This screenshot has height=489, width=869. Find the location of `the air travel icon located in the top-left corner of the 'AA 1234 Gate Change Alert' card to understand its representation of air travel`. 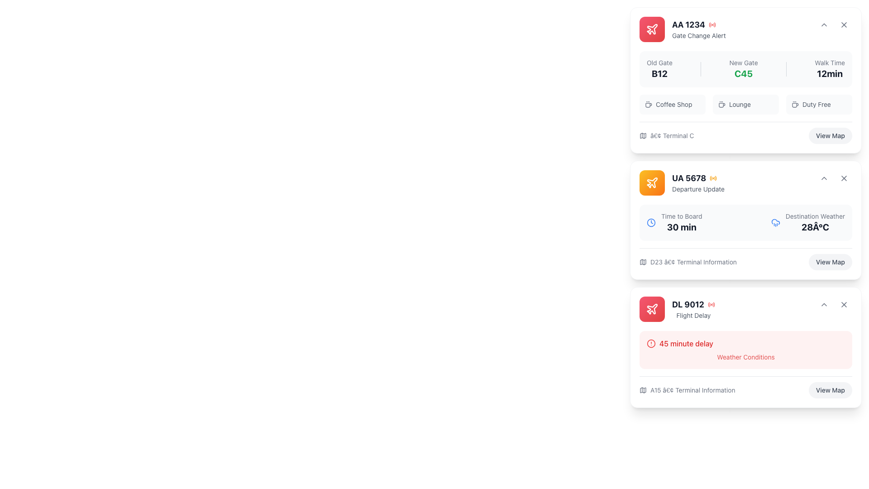

the air travel icon located in the top-left corner of the 'AA 1234 Gate Change Alert' card to understand its representation of air travel is located at coordinates (652, 29).